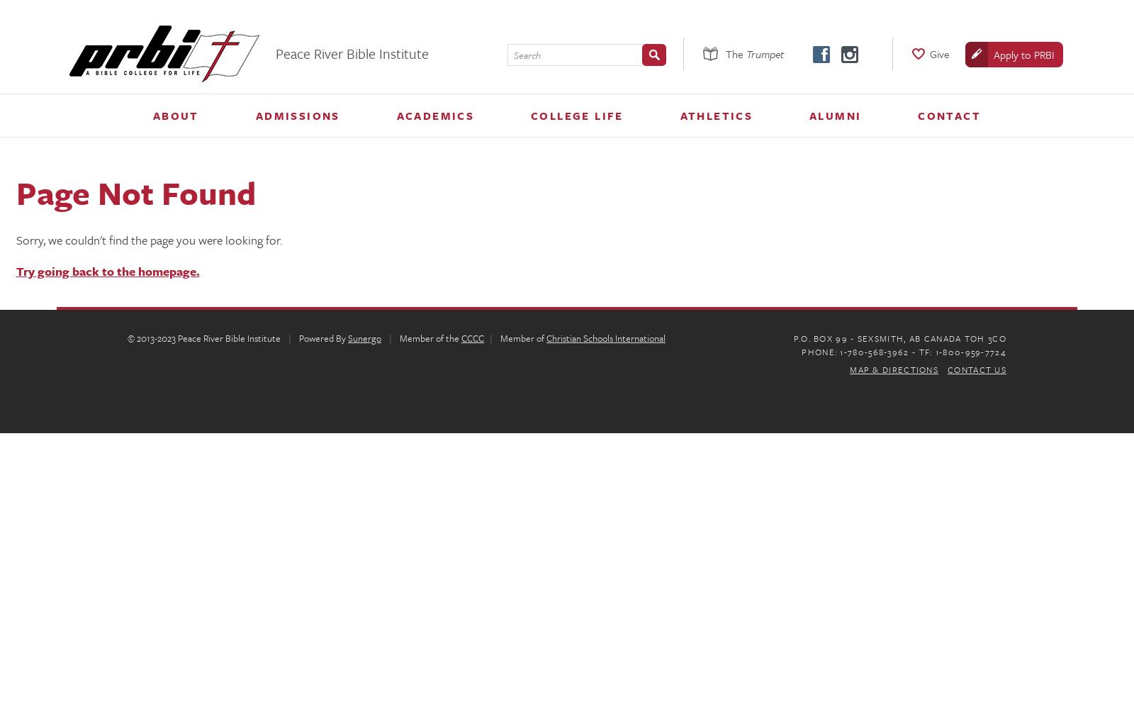  What do you see at coordinates (396, 337) in the screenshot?
I see `'Member of the'` at bounding box center [396, 337].